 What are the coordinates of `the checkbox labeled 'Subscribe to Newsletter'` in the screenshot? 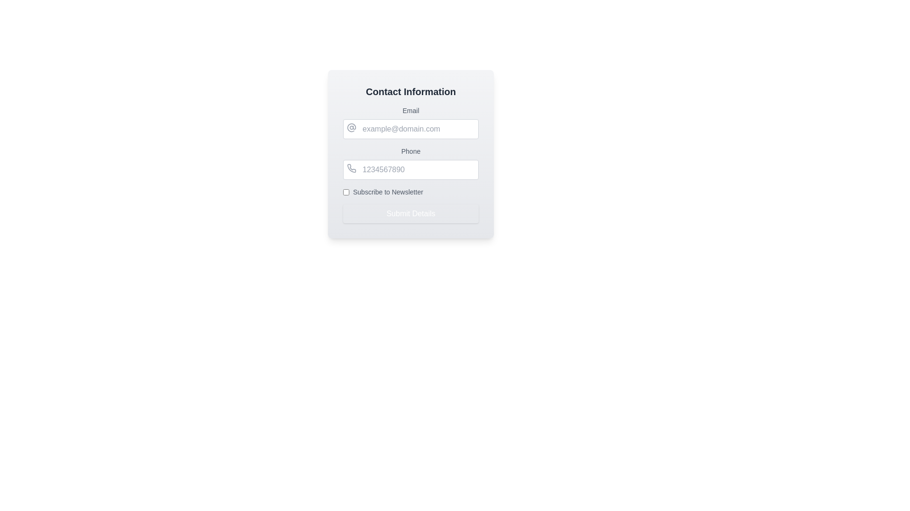 It's located at (411, 192).